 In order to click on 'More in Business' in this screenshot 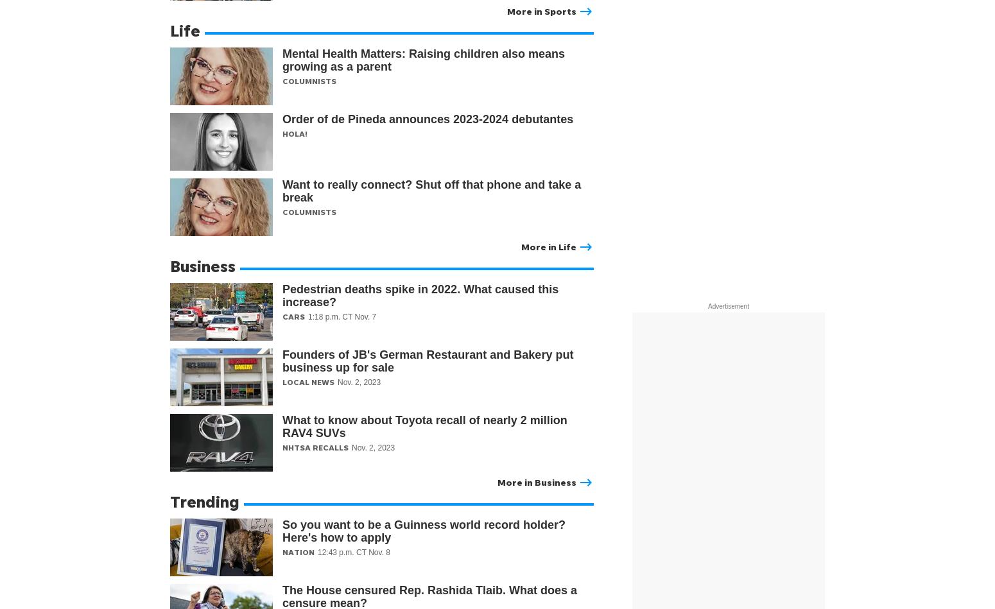, I will do `click(536, 482)`.